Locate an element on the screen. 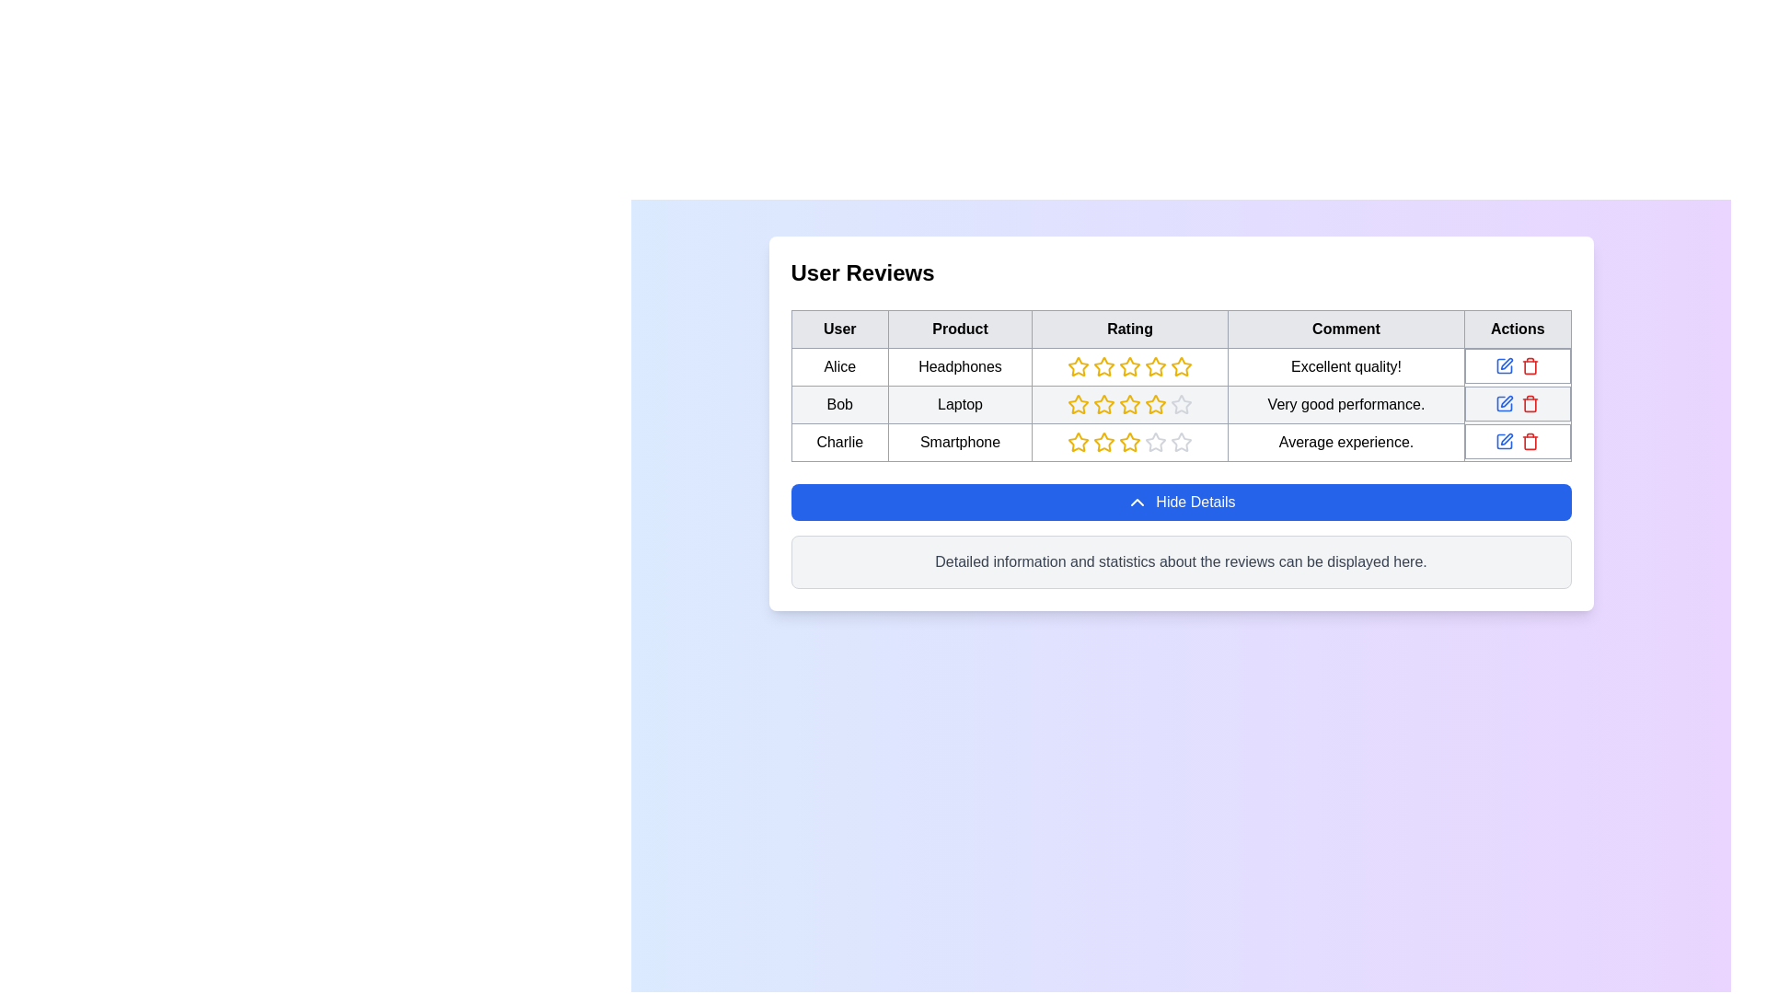 Image resolution: width=1767 pixels, height=994 pixels. the edit icon in the 'Actions' column of the 'User Reviews' table corresponding to the first row associated with 'Alice' is located at coordinates (1505, 365).